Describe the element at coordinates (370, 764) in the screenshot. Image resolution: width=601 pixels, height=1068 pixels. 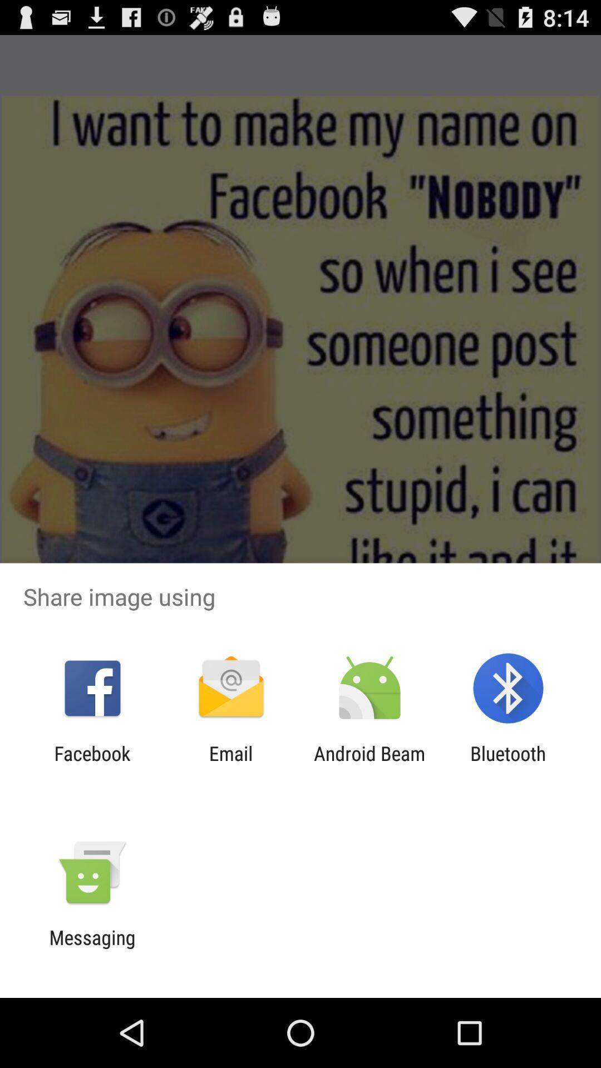
I see `item to the left of the bluetooth item` at that location.